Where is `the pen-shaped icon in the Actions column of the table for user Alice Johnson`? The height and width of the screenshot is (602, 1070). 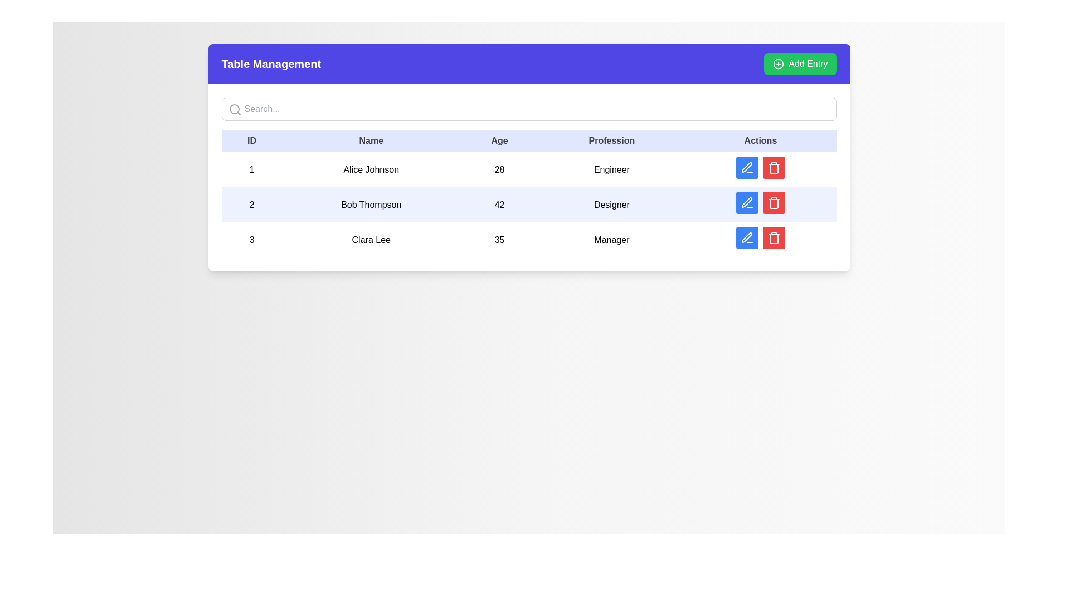 the pen-shaped icon in the Actions column of the table for user Alice Johnson is located at coordinates (747, 167).